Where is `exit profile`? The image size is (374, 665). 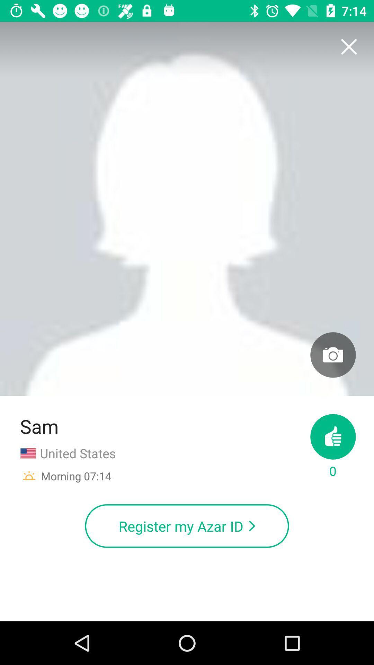 exit profile is located at coordinates (348, 47).